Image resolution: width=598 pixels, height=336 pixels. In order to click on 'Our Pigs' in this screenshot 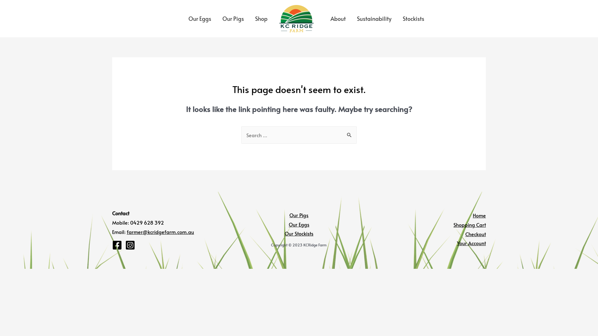, I will do `click(289, 214)`.